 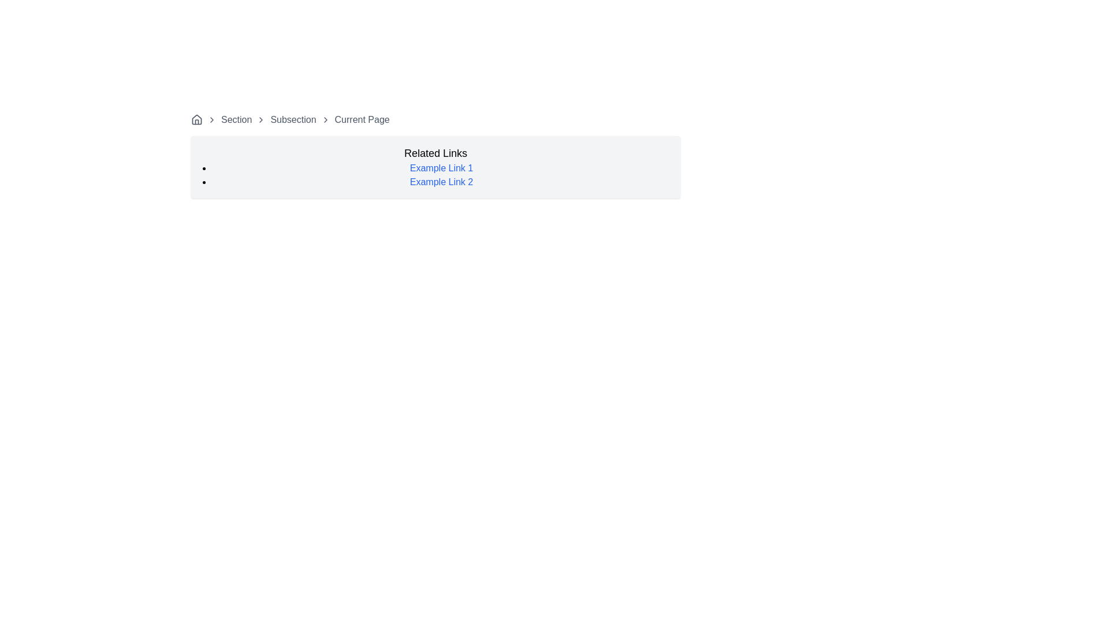 What do you see at coordinates (196, 119) in the screenshot?
I see `the home icon in the breadcrumb navigation bar` at bounding box center [196, 119].